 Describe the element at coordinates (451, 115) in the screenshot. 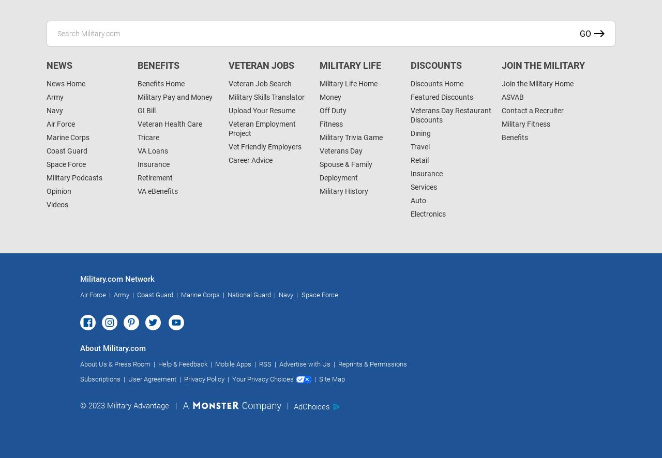

I see `'Veterans Day Restaurant Discounts'` at that location.